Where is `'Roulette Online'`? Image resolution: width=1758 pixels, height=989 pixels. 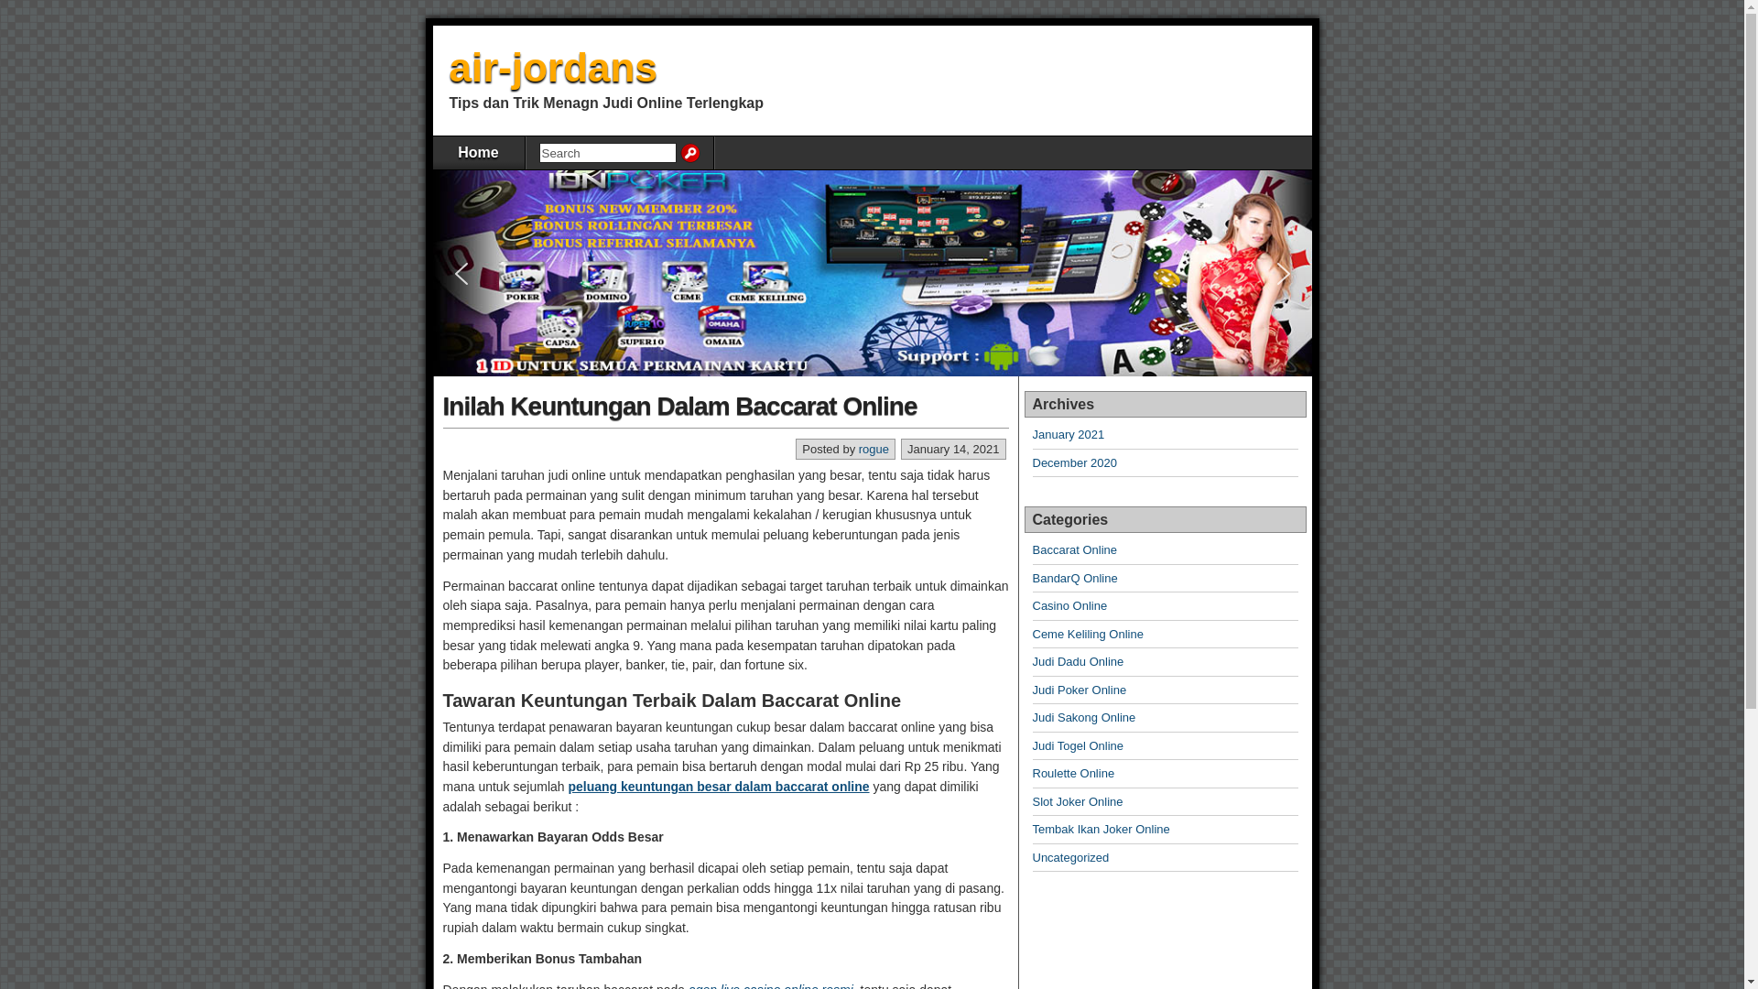
'Roulette Online' is located at coordinates (1073, 773).